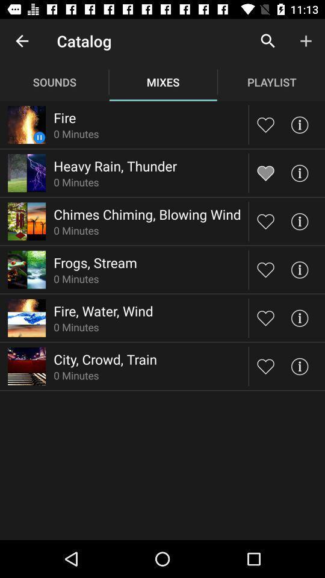 The image size is (325, 578). What do you see at coordinates (265, 269) in the screenshot?
I see `the song` at bounding box center [265, 269].